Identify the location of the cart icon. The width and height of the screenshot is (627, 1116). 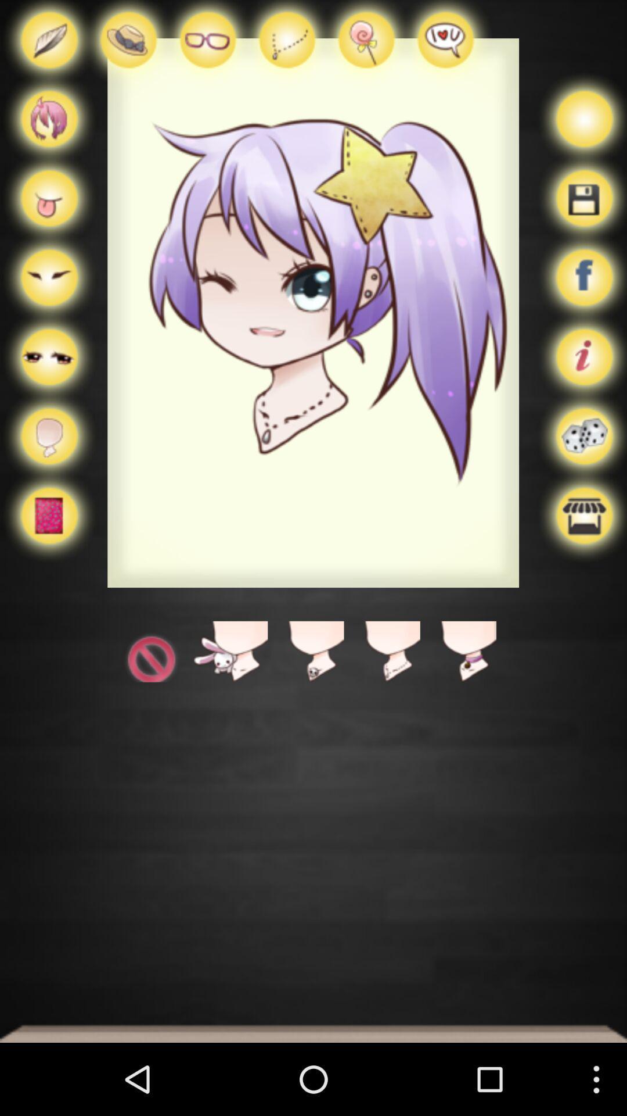
(48, 212).